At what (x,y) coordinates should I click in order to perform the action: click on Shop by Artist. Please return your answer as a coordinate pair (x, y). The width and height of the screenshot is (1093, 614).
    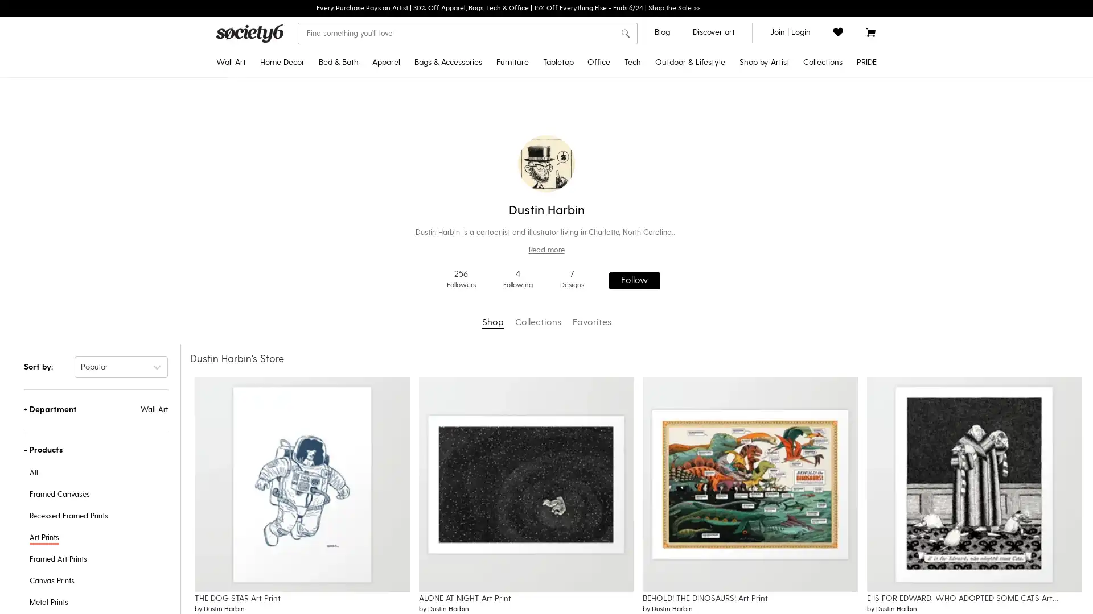
    Looking at the image, I should click on (733, 256).